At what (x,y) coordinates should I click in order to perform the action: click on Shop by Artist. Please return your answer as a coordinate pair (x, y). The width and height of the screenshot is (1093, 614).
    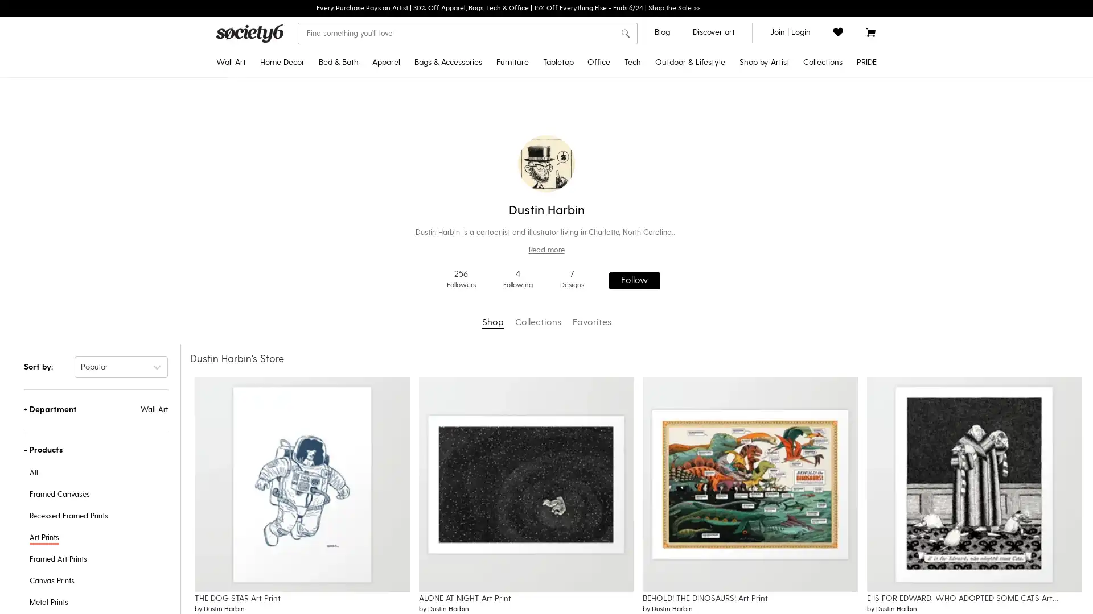
    Looking at the image, I should click on (733, 256).